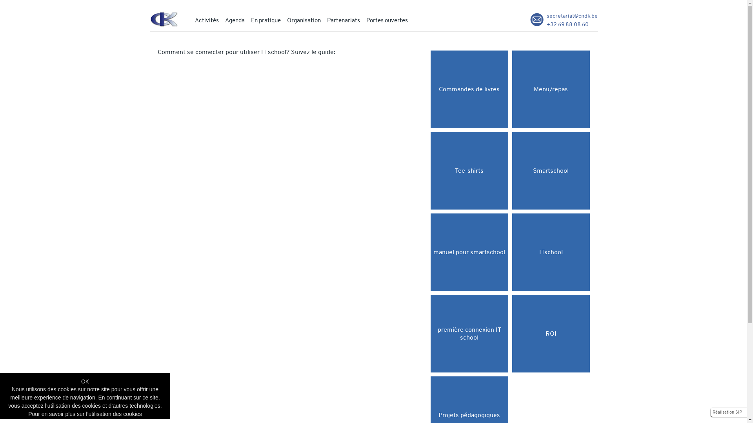 Image resolution: width=753 pixels, height=423 pixels. Describe the element at coordinates (303, 20) in the screenshot. I see `'Organisation'` at that location.